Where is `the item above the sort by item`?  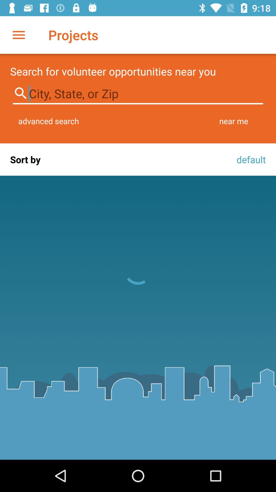 the item above the sort by item is located at coordinates (49, 121).